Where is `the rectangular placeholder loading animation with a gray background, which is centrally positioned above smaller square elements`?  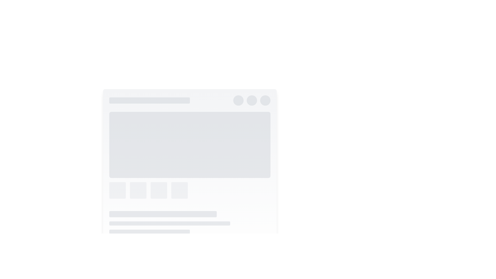
the rectangular placeholder loading animation with a gray background, which is centrally positioned above smaller square elements is located at coordinates (189, 145).